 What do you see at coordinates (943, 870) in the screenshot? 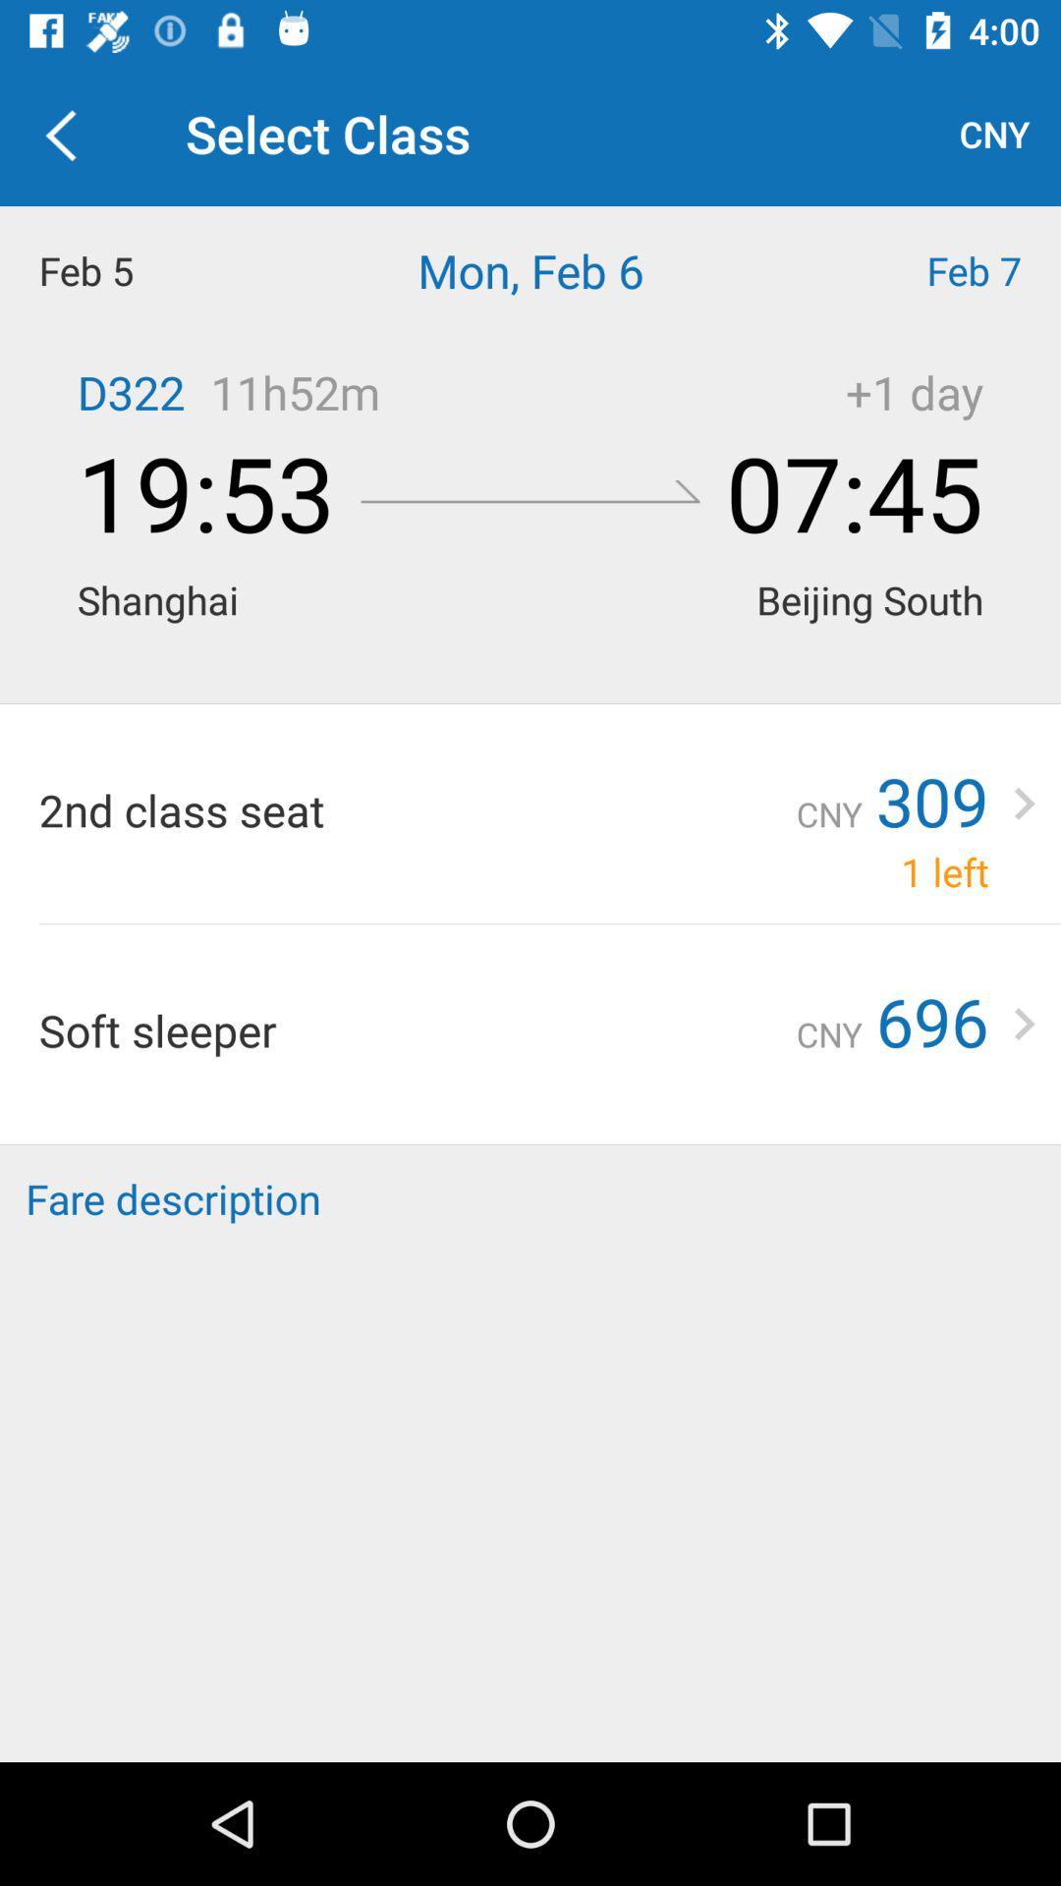
I see `the icon next to the cny item` at bounding box center [943, 870].